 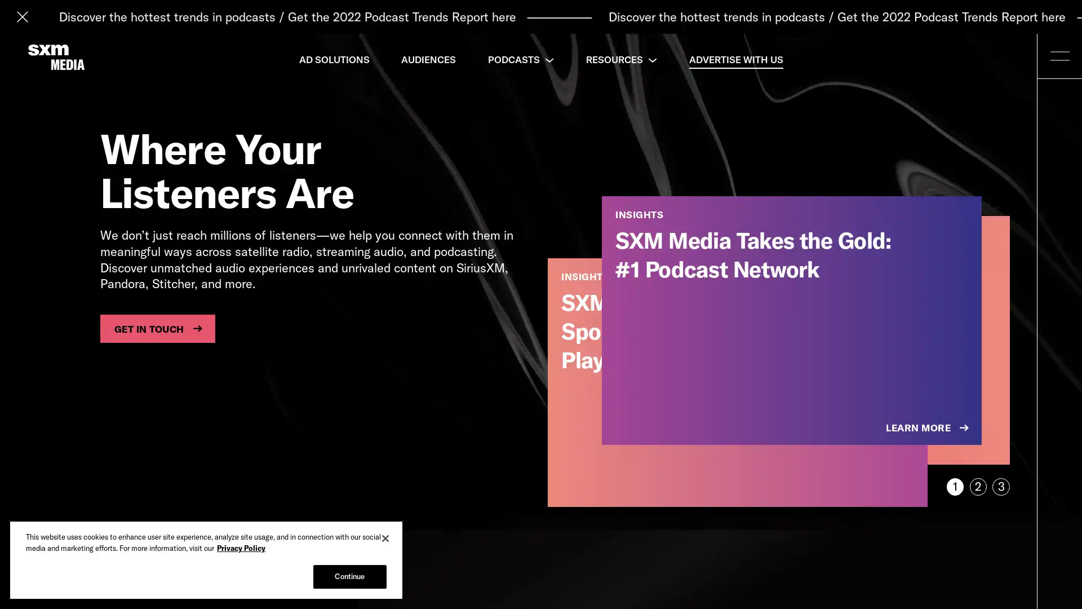 I want to click on 3, so click(x=1001, y=486).